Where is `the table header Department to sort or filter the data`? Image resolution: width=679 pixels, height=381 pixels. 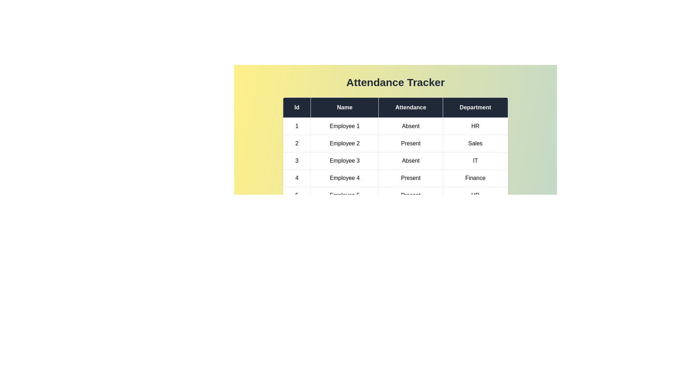
the table header Department to sort or filter the data is located at coordinates (475, 107).